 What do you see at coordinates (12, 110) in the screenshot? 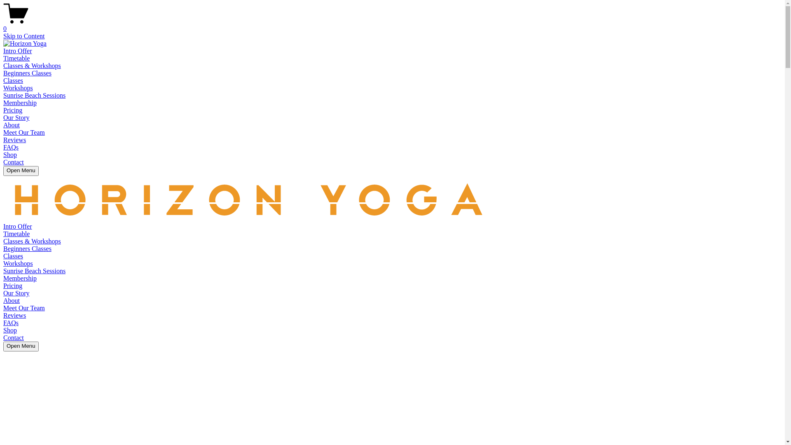
I see `'Pricing'` at bounding box center [12, 110].